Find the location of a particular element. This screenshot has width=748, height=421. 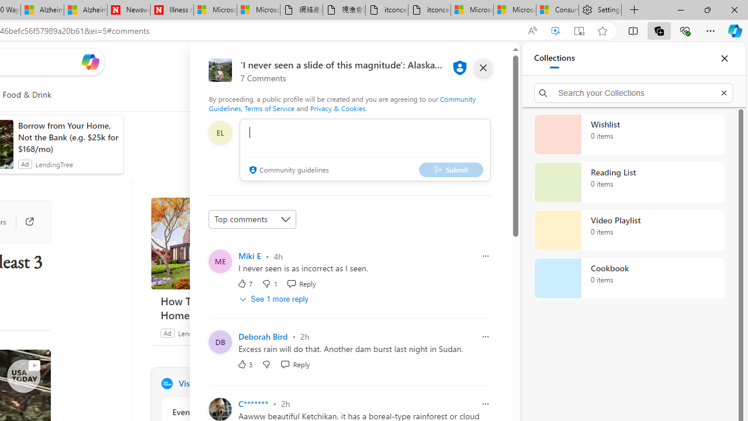

'Video Playlist collection, 0 items' is located at coordinates (629, 230).